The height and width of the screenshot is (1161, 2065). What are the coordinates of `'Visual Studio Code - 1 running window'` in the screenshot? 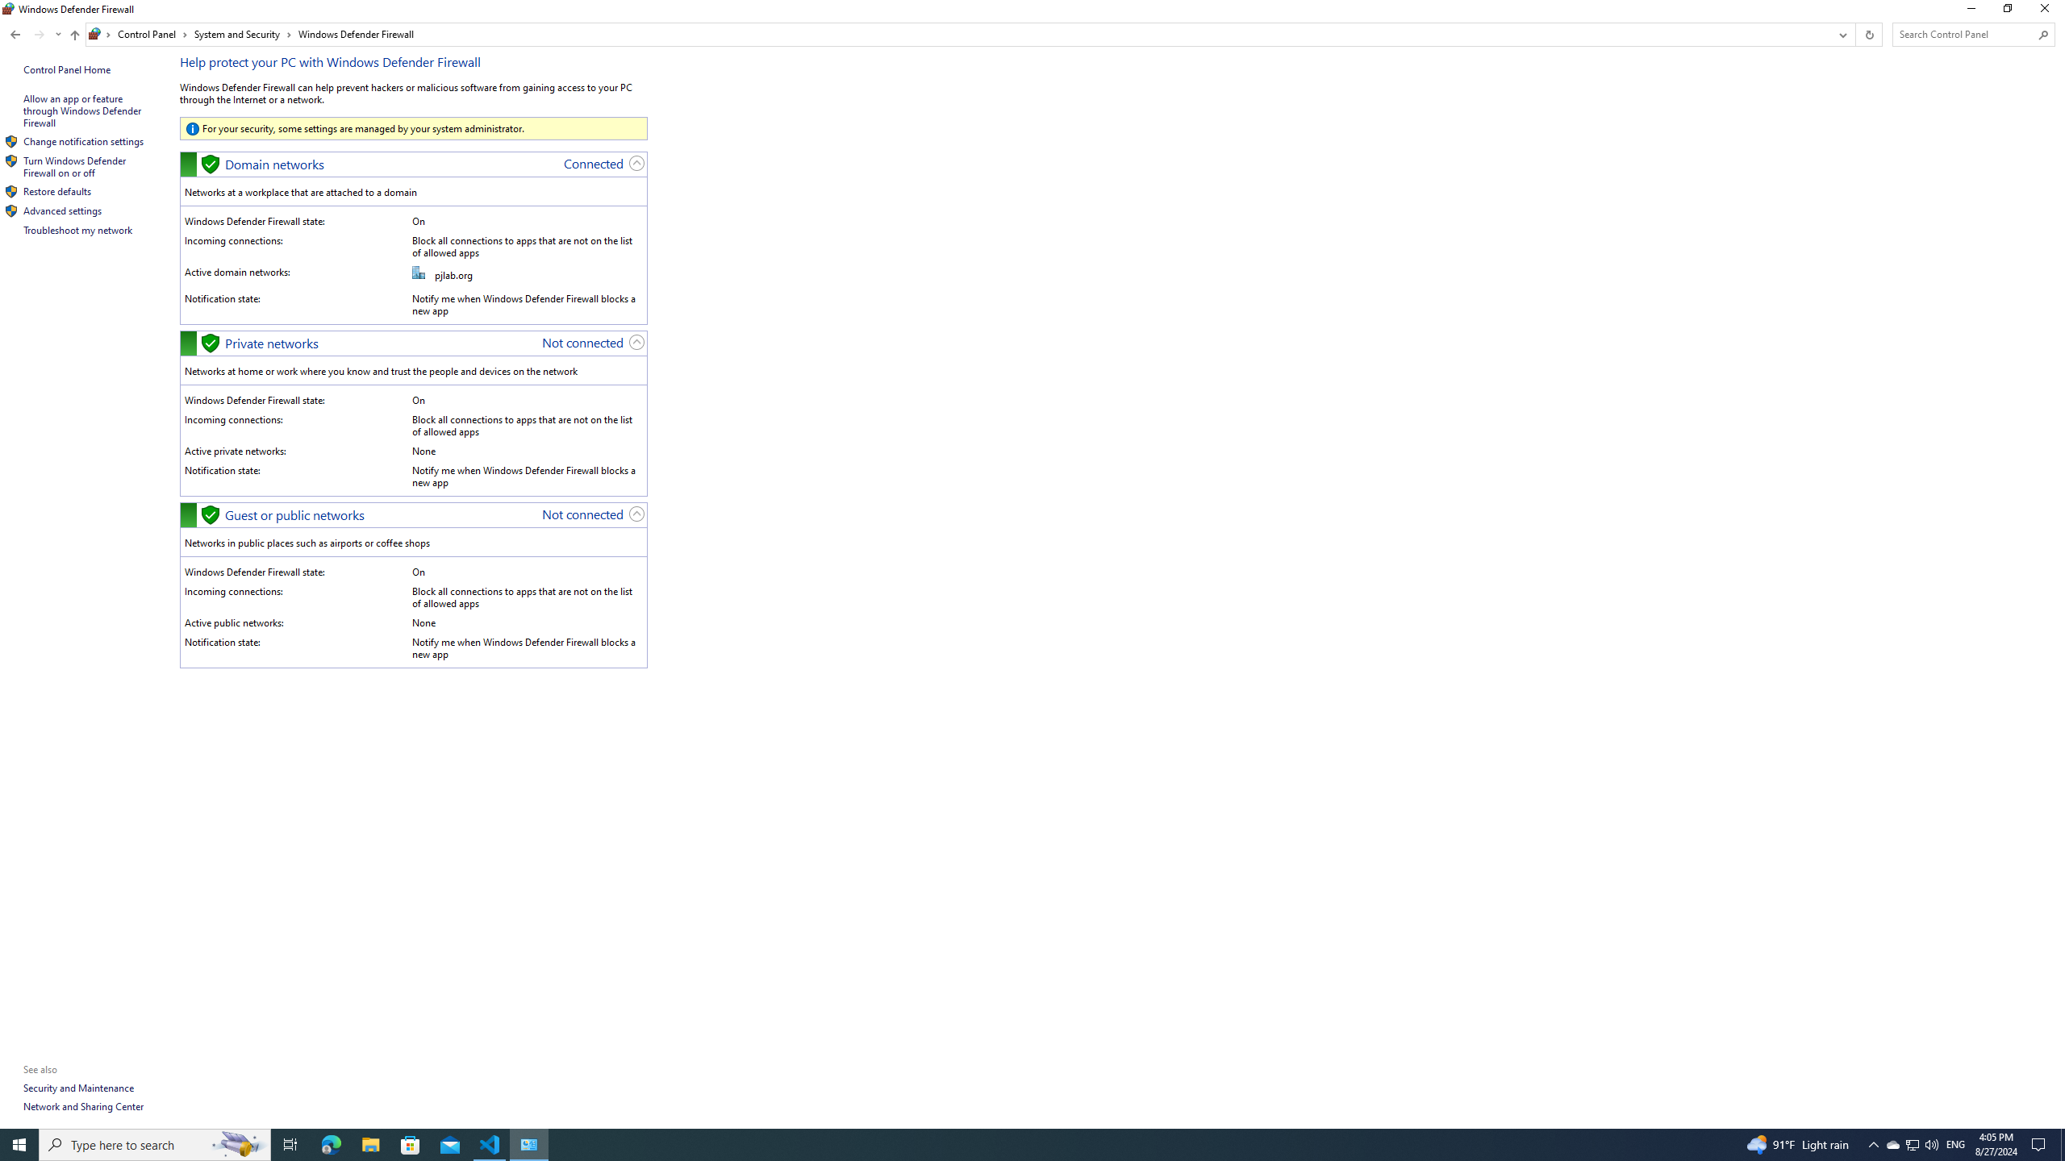 It's located at (490, 1143).